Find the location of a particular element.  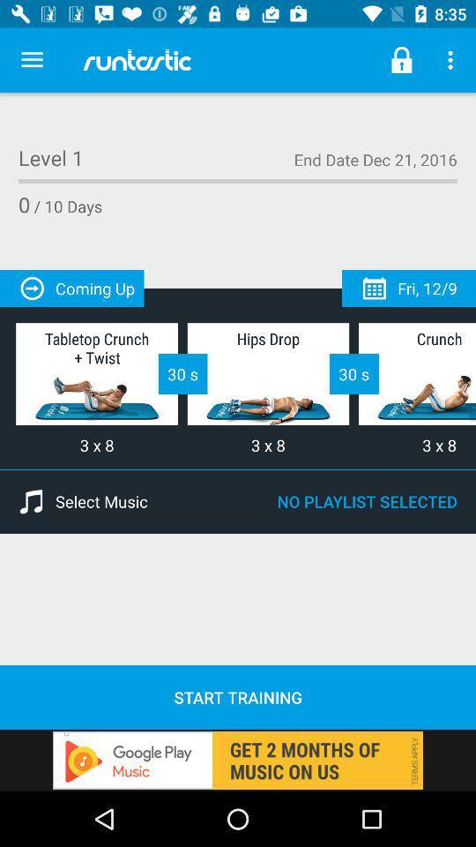

click on advertisement is located at coordinates (238, 759).